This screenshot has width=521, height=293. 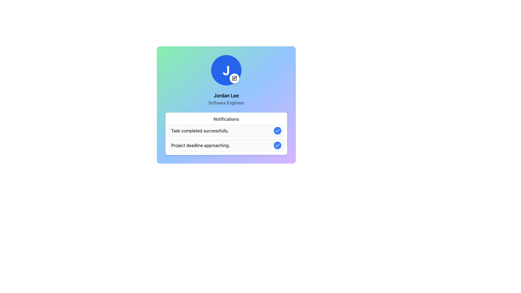 I want to click on the pen-shaped edit icon located at the bottom right of the rounded overlay on the profile picture, so click(x=235, y=78).